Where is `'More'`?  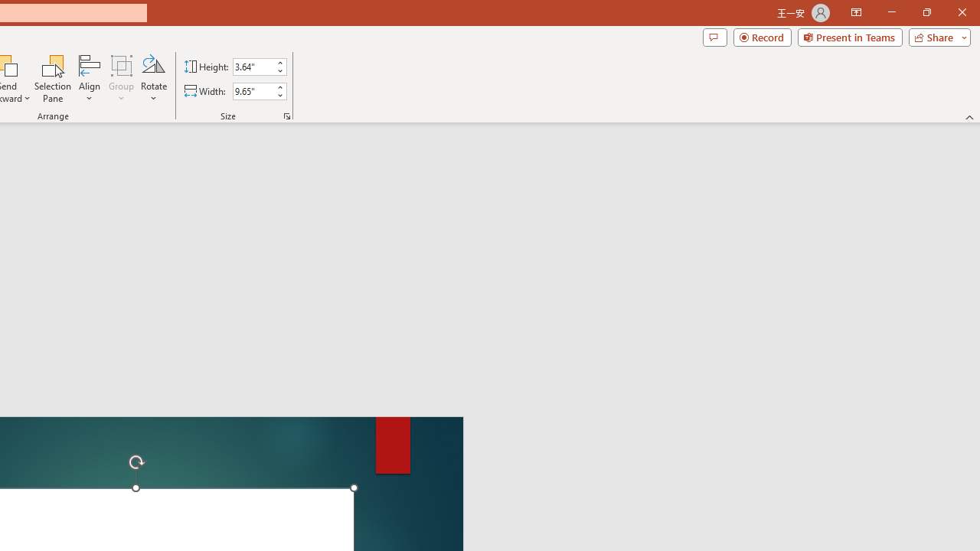 'More' is located at coordinates (279, 86).